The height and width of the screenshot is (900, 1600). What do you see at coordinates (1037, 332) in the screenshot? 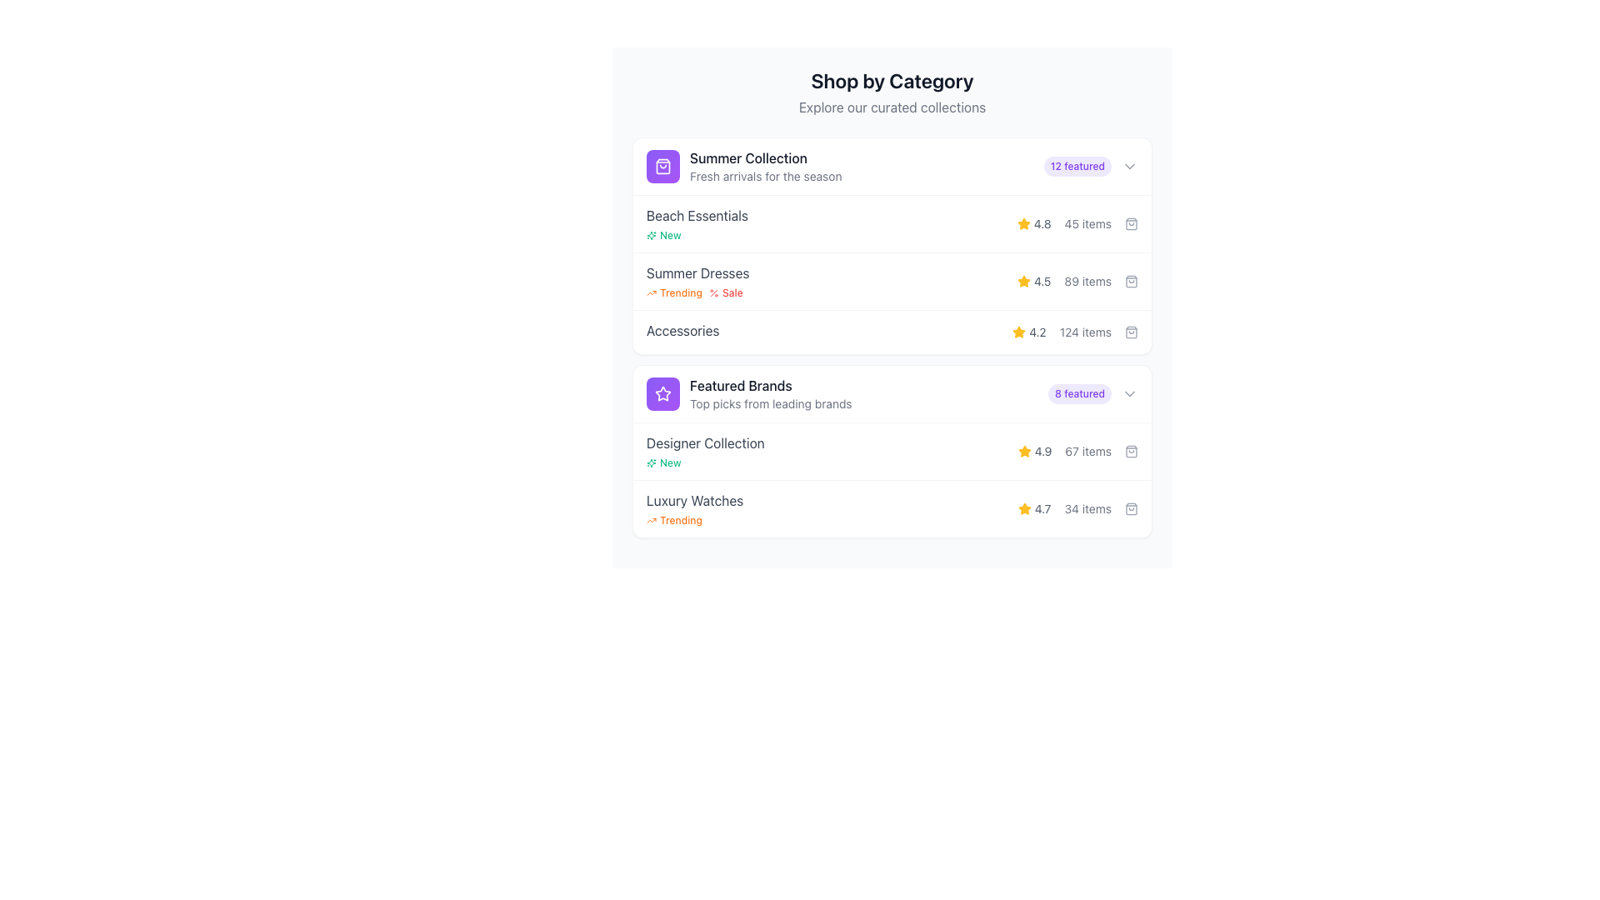
I see `the text label displaying '4.2' in a small gray font, which is located next to a yellow star icon in the Accessories category` at bounding box center [1037, 332].